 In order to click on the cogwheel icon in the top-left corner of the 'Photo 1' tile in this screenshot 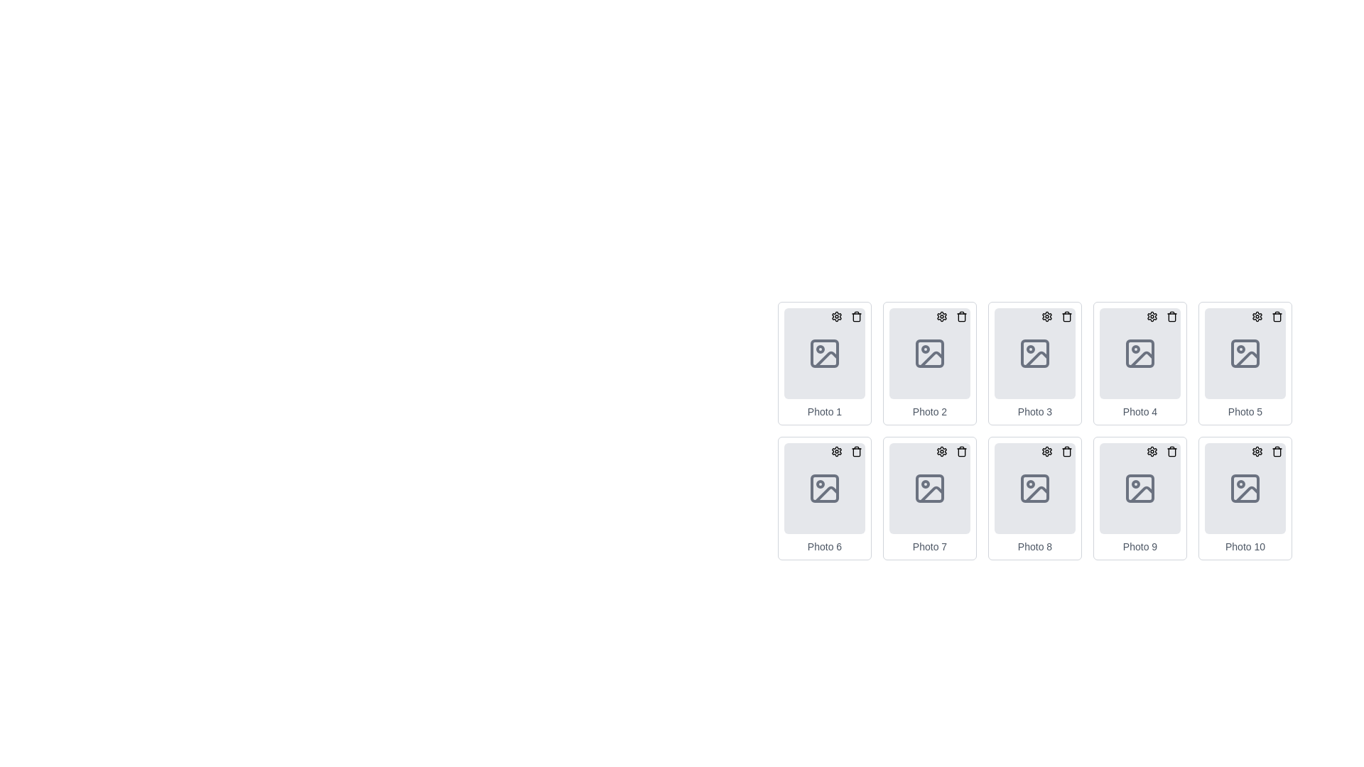, I will do `click(836, 316)`.